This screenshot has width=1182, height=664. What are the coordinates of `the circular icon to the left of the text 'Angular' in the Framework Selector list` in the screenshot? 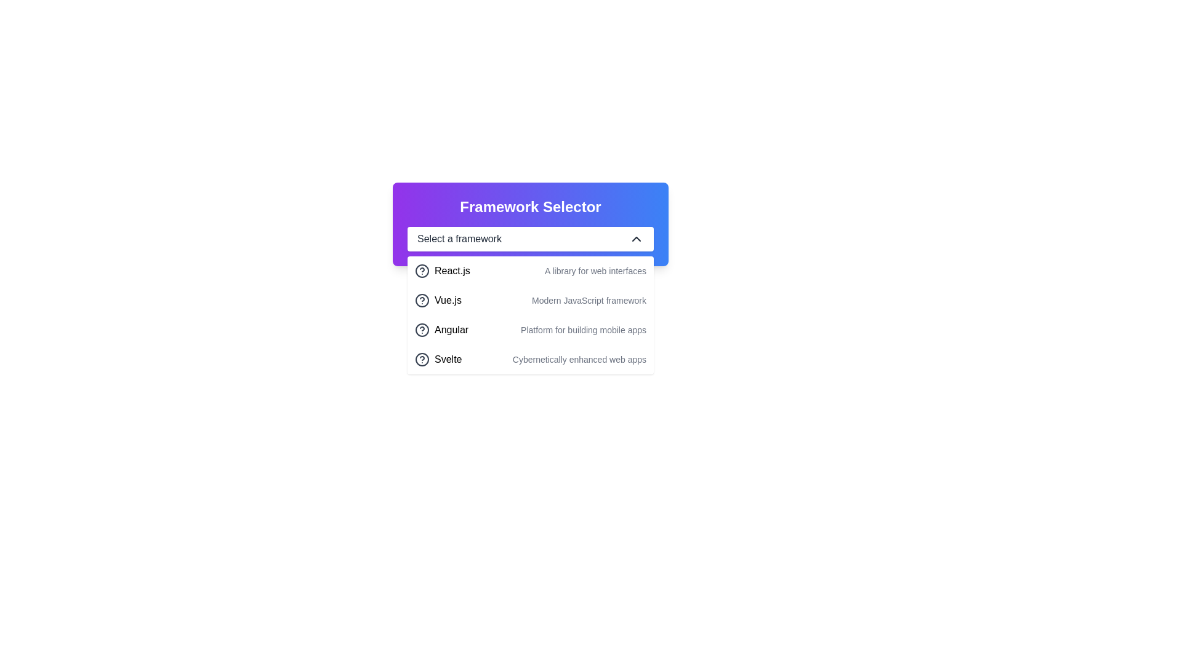 It's located at (422, 329).